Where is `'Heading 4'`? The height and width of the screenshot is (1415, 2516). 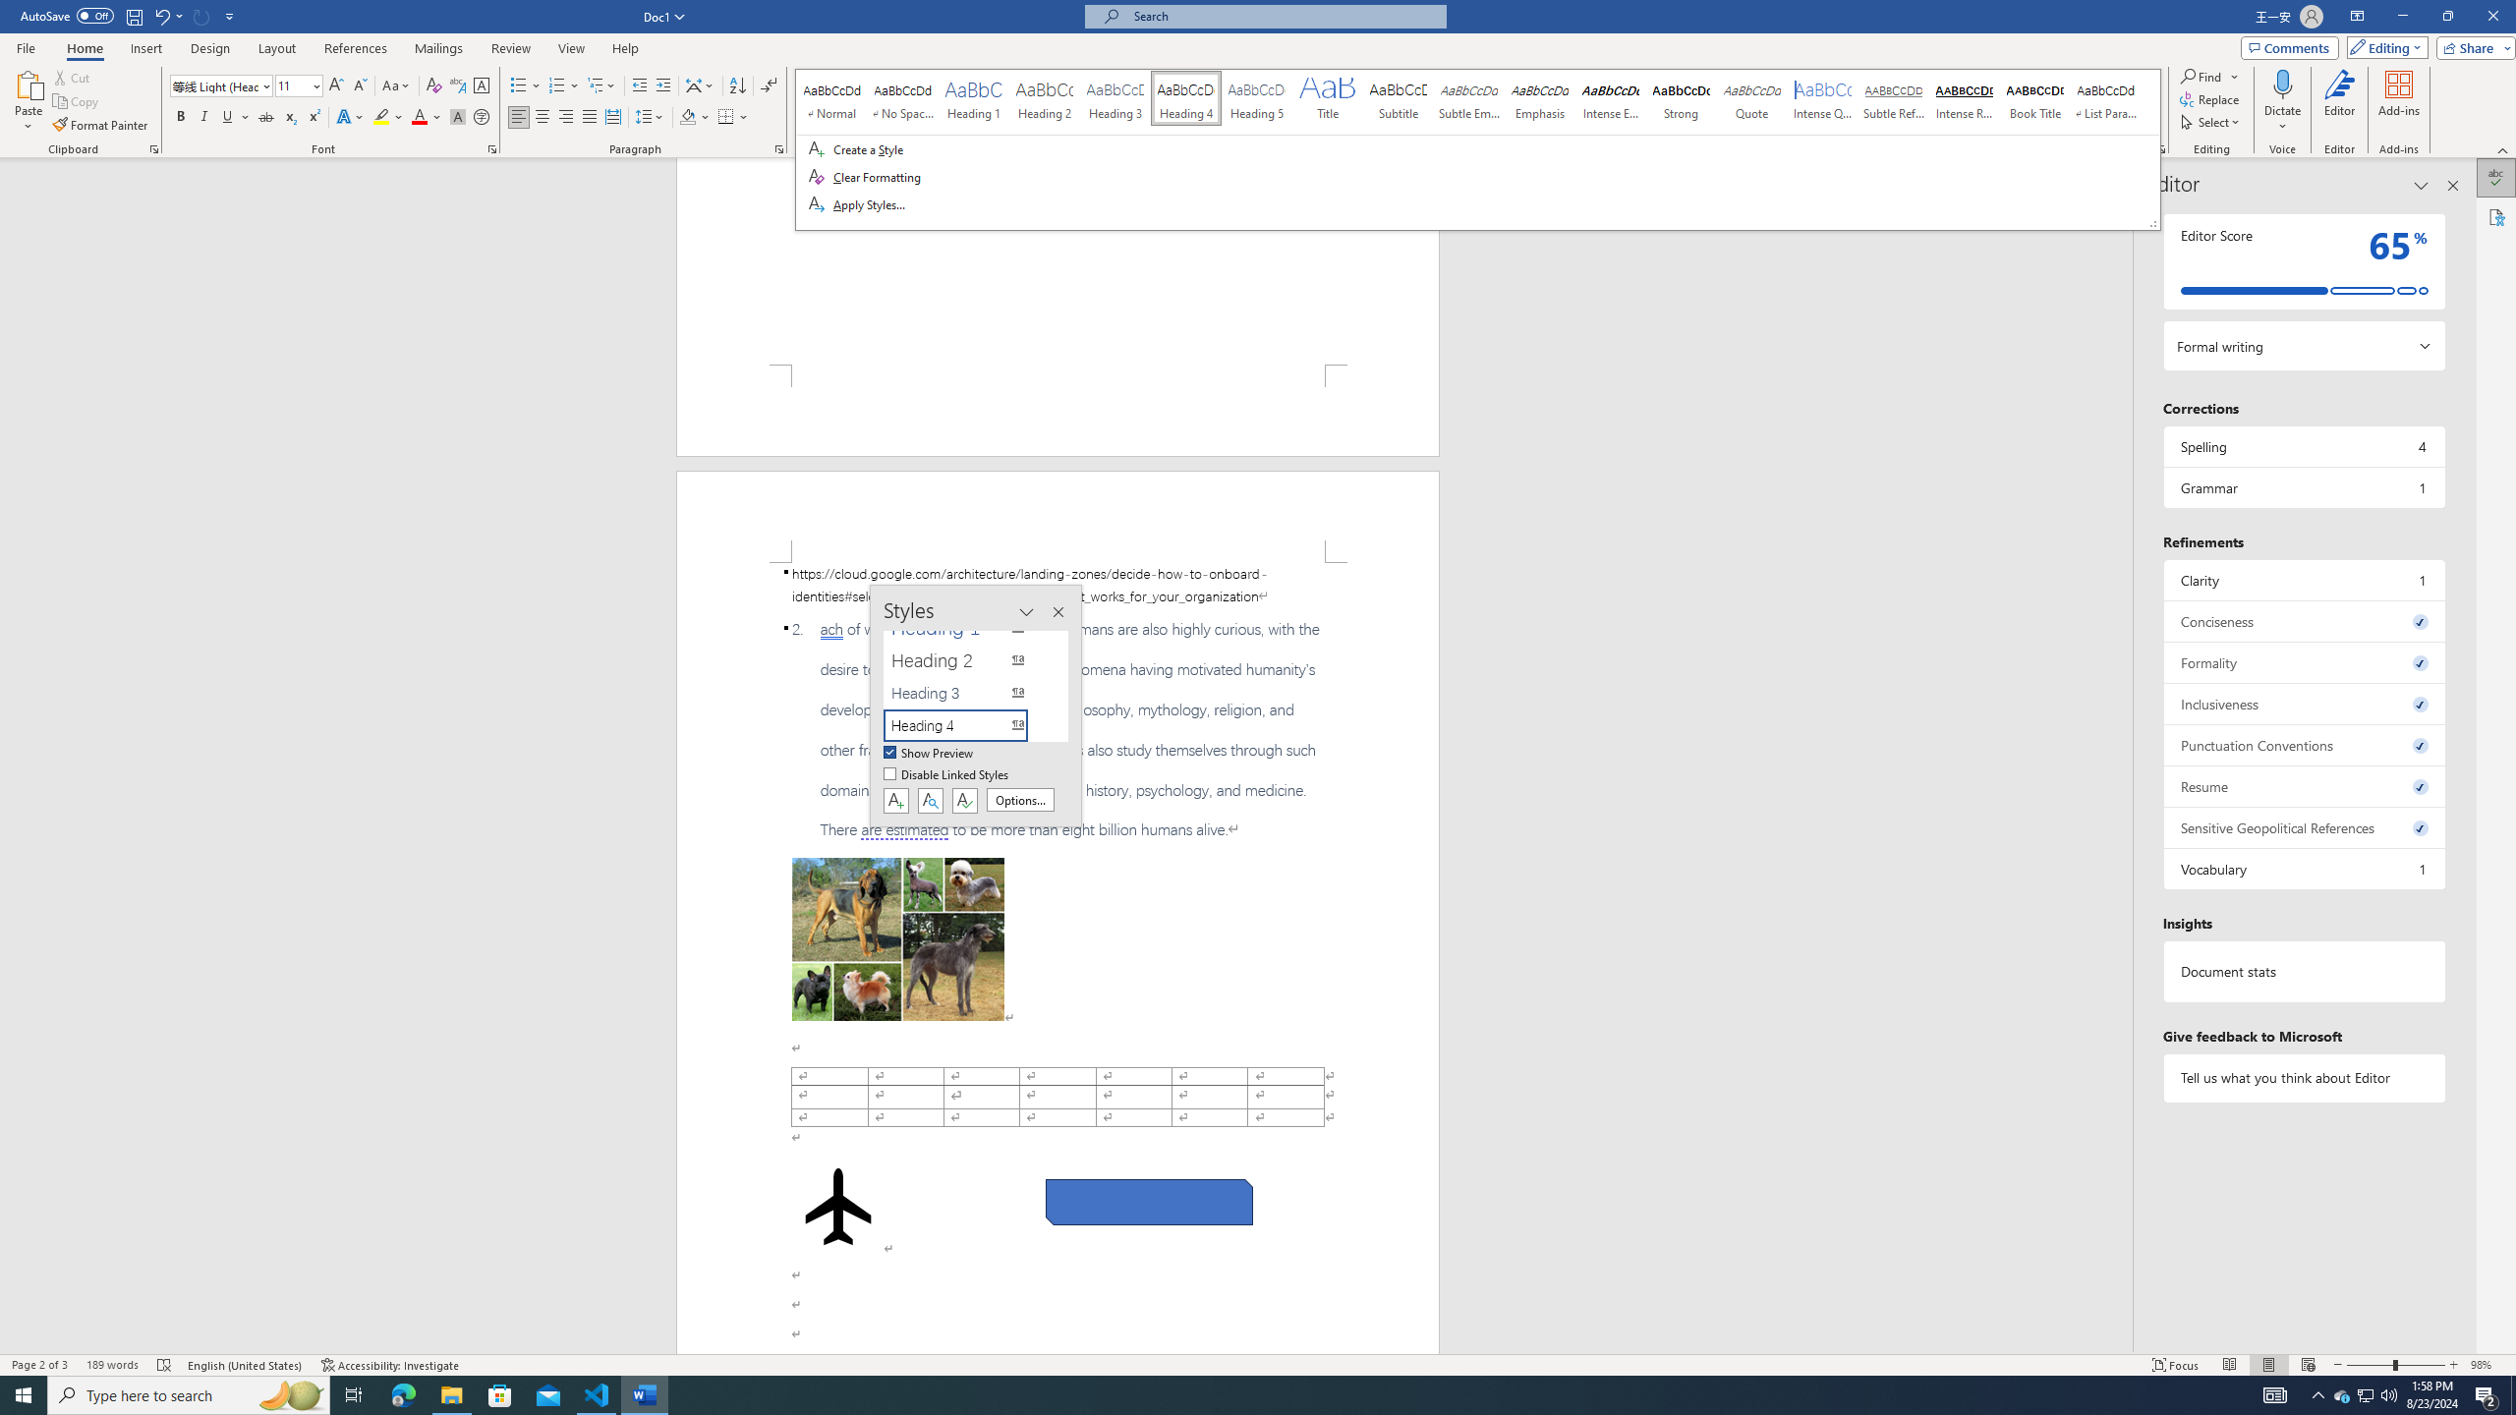 'Heading 4' is located at coordinates (966, 723).